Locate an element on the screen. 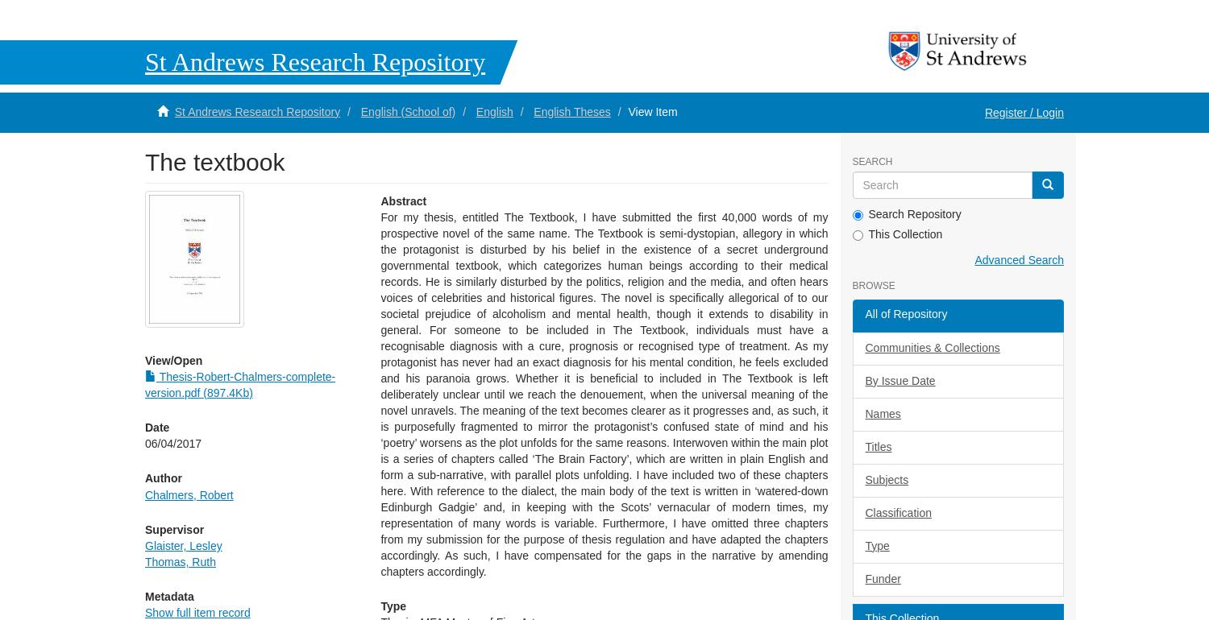 This screenshot has width=1209, height=620. 'Show full item record' is located at coordinates (196, 611).